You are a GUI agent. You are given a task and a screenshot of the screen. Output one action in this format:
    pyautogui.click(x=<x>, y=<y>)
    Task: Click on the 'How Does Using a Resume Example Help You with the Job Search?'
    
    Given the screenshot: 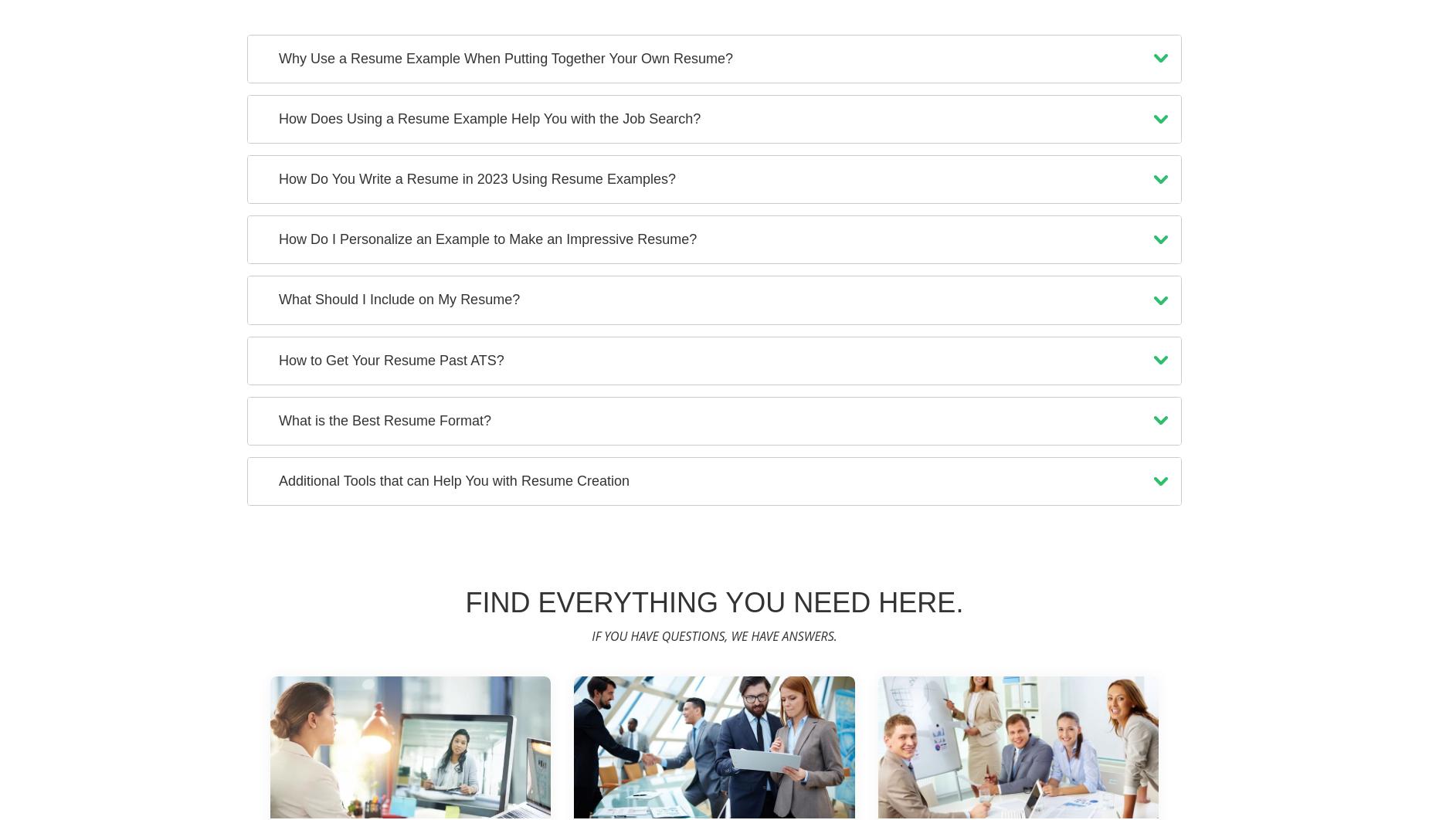 What is the action you would take?
    pyautogui.click(x=277, y=118)
    